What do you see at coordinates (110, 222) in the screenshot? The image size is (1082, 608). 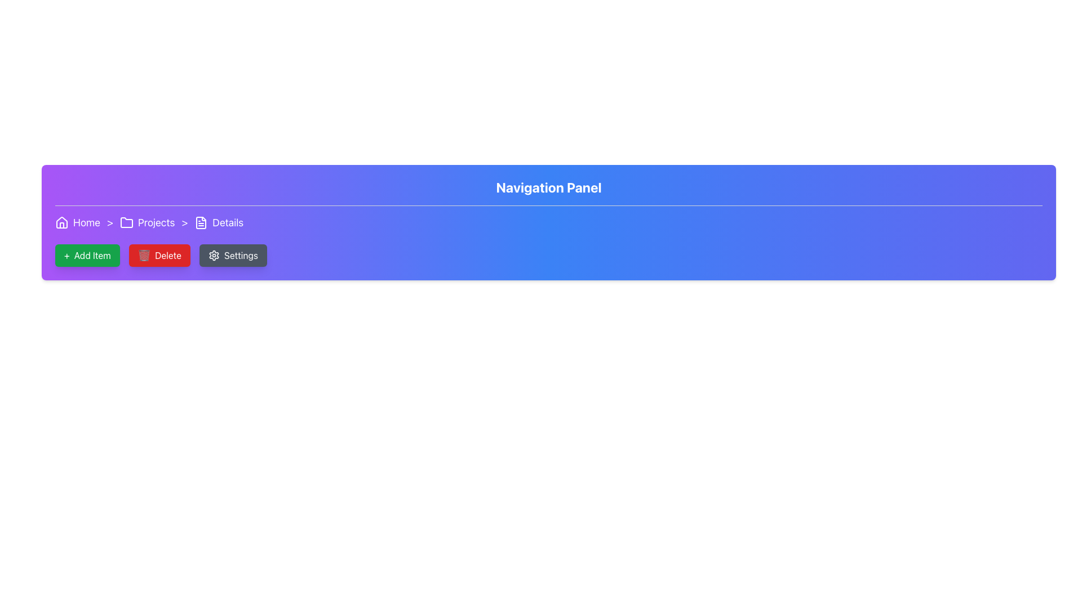 I see `the Breadcrumb Separator, which is a rightward arrow symbol ('>') in white on a purple background, positioned between 'Projects' and 'Details' in the breadcrumb navigation bar` at bounding box center [110, 222].